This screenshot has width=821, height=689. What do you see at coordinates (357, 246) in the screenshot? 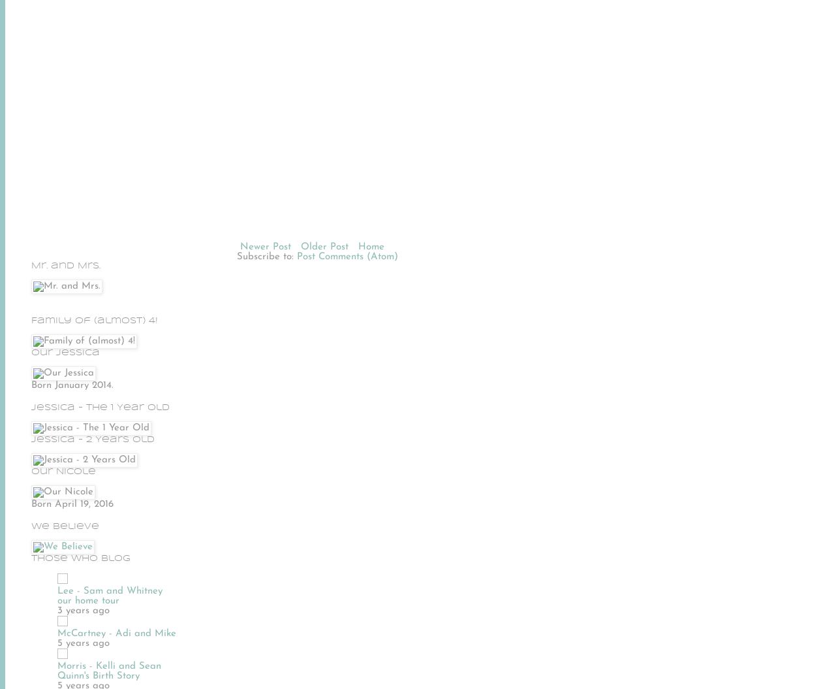
I see `'Home'` at bounding box center [357, 246].